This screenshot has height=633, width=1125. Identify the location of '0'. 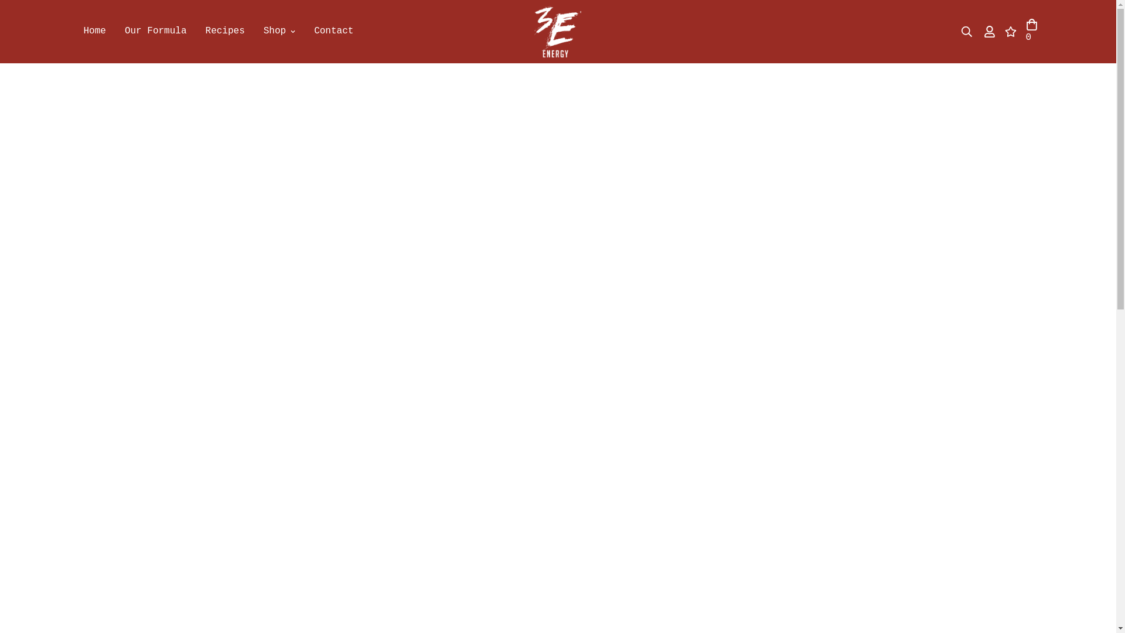
(1020, 31).